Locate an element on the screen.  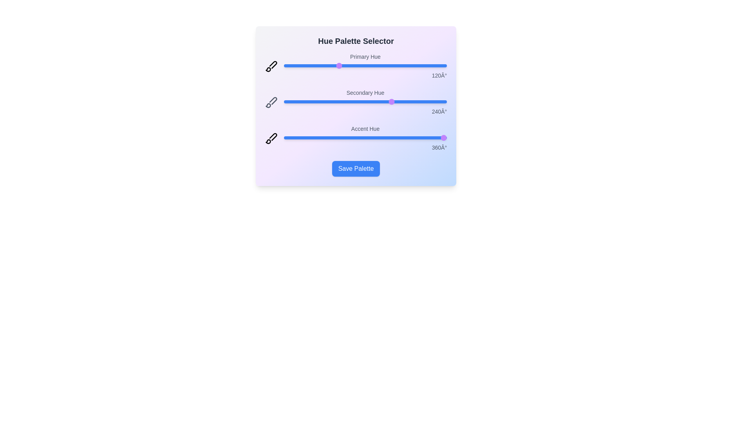
the 'Accent Hue' slider to 64 degrees is located at coordinates (312, 137).